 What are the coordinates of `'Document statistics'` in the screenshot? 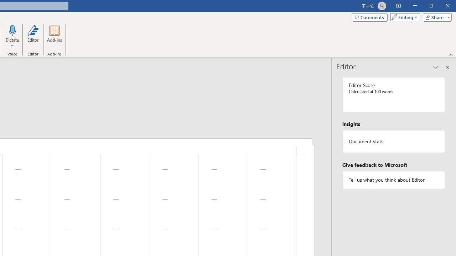 It's located at (393, 142).